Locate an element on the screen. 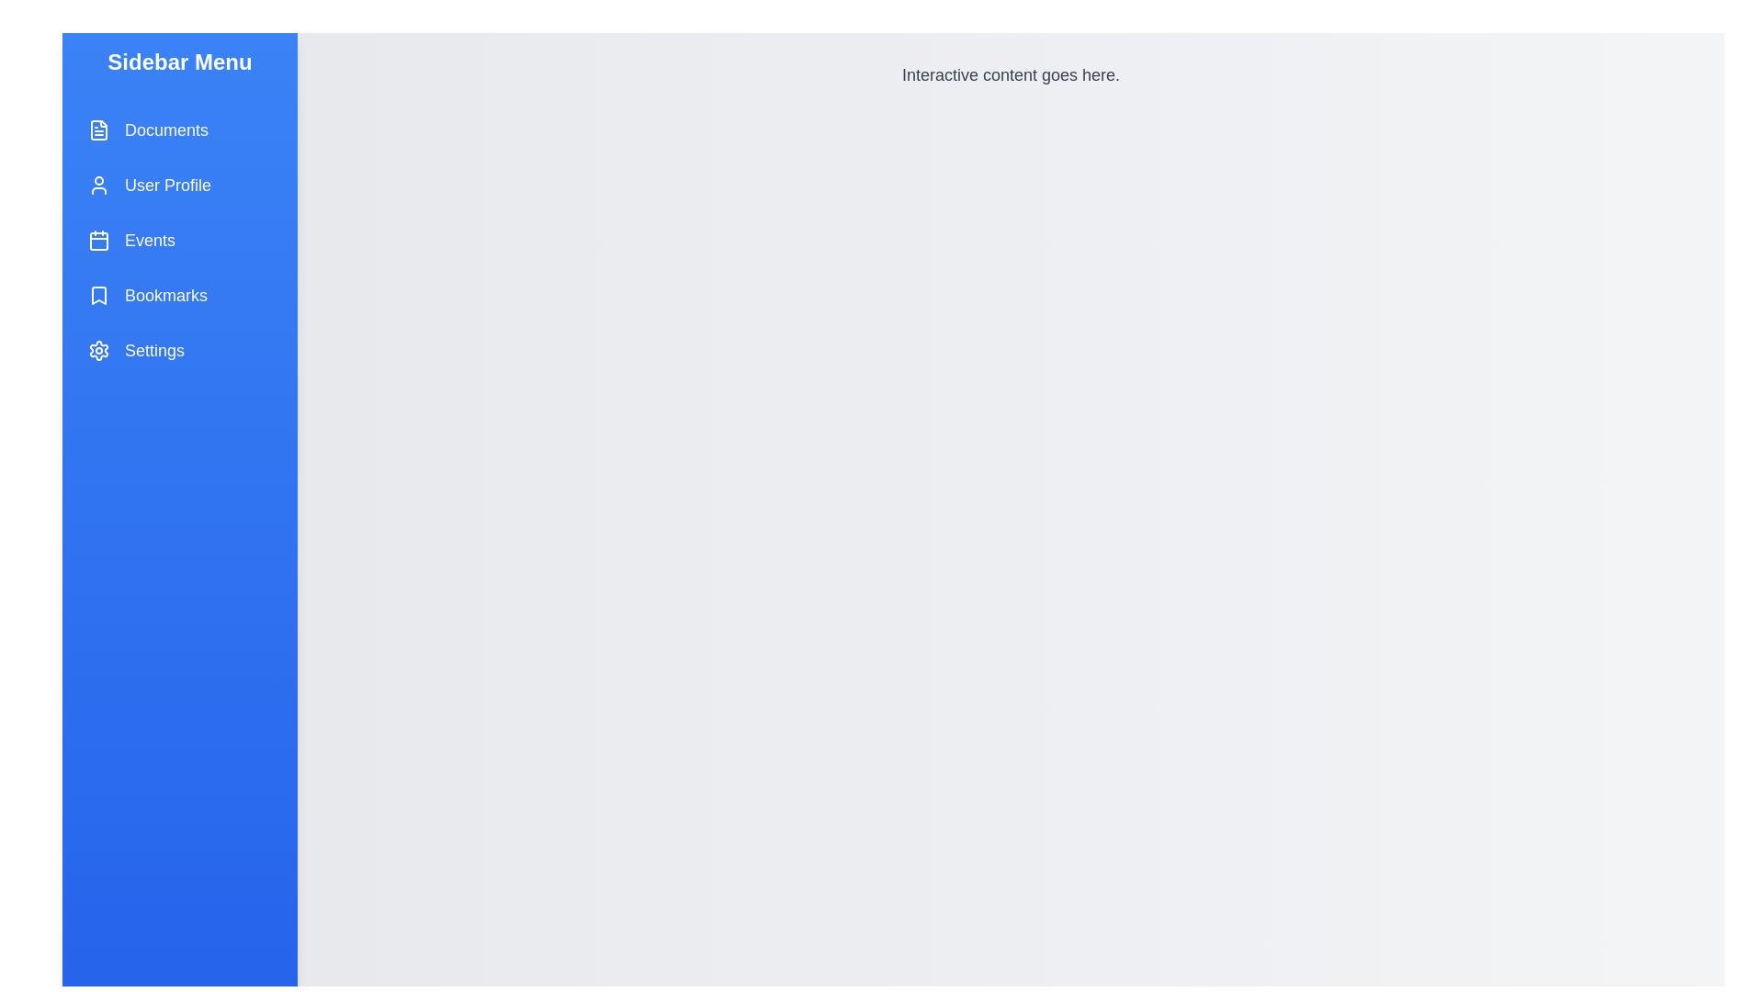  the menu item labeled Documents to observe its hover effect is located at coordinates (180, 130).